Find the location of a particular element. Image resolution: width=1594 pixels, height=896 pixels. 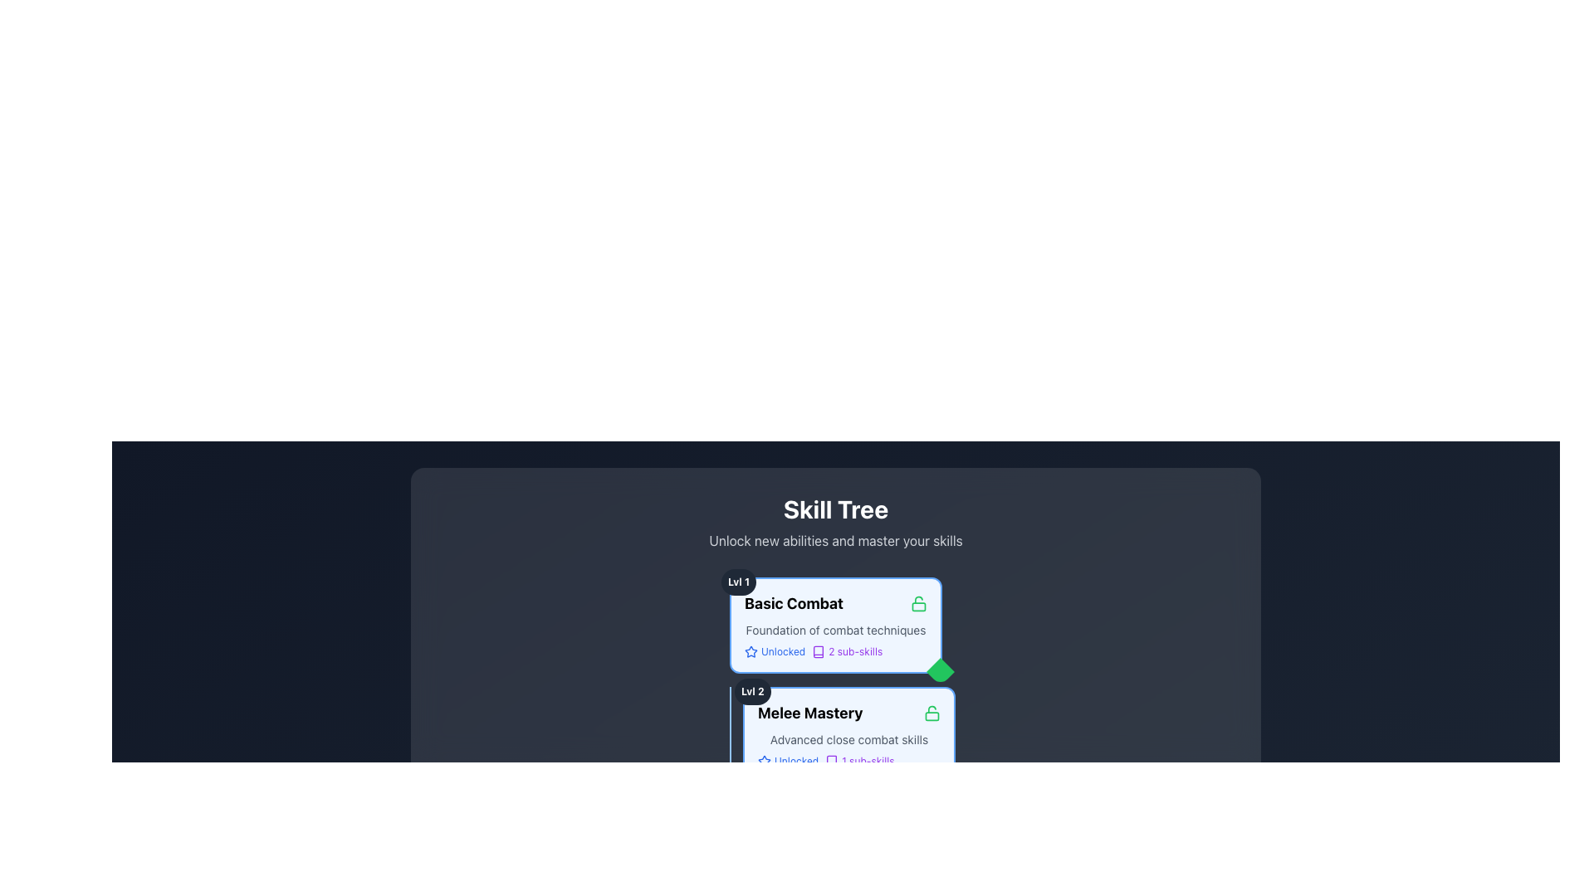

informational text with blue and purple text indicating the status of the 'Melee Mastery' skill, located under the 'Advanced close combat skills' description in the skill tree interface is located at coordinates (848, 762).